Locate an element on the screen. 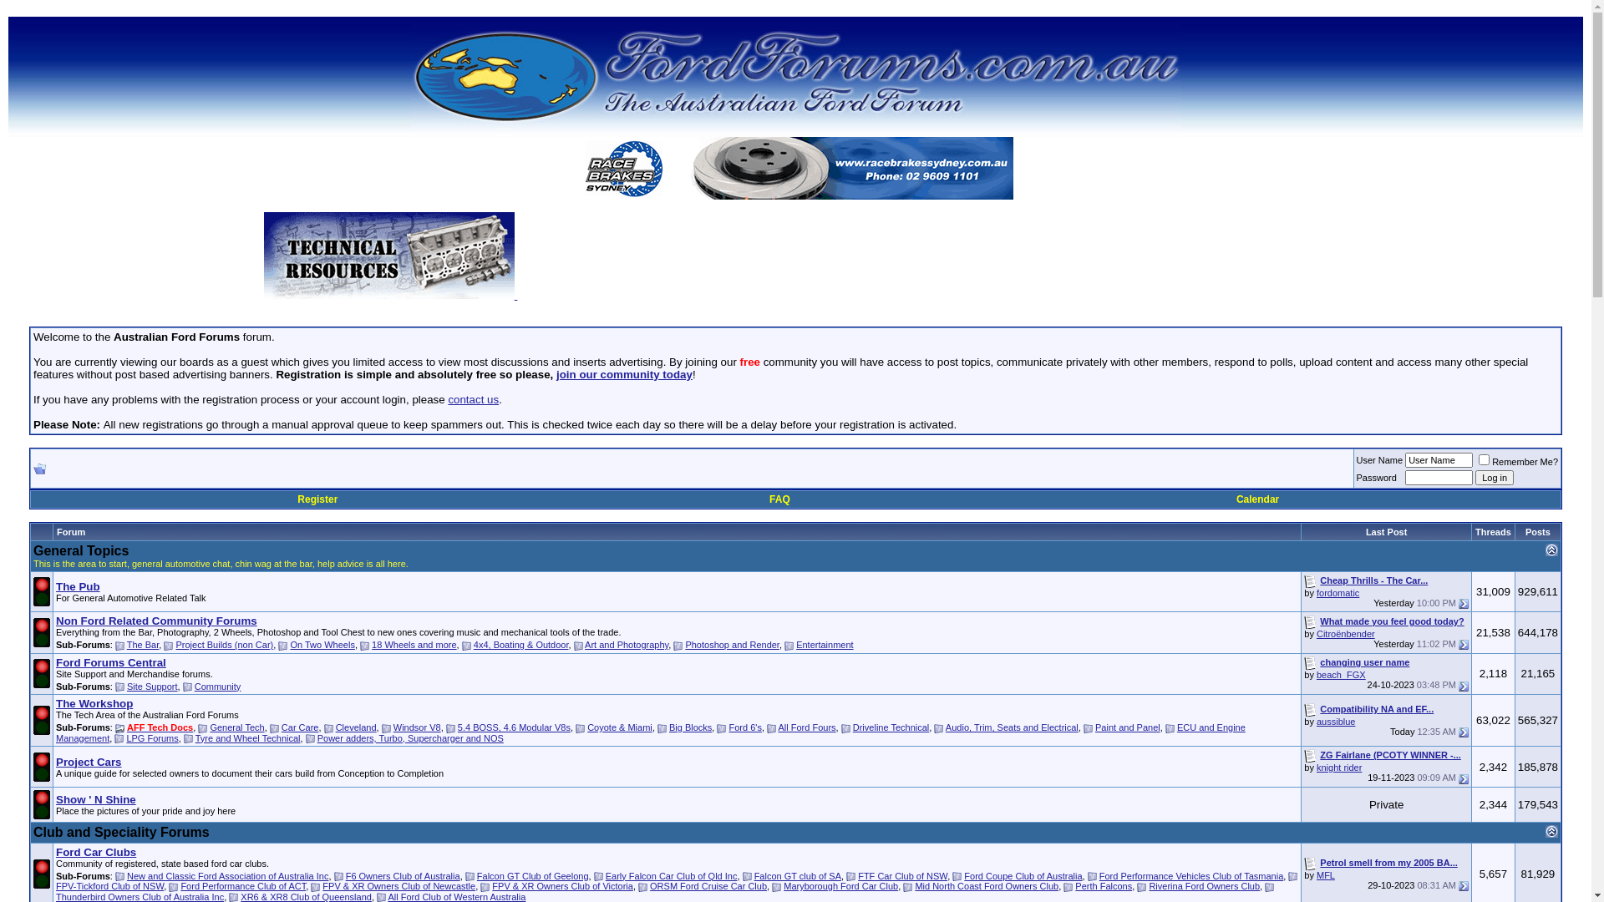  'Cheap Thrills - The Car...' is located at coordinates (1373, 579).